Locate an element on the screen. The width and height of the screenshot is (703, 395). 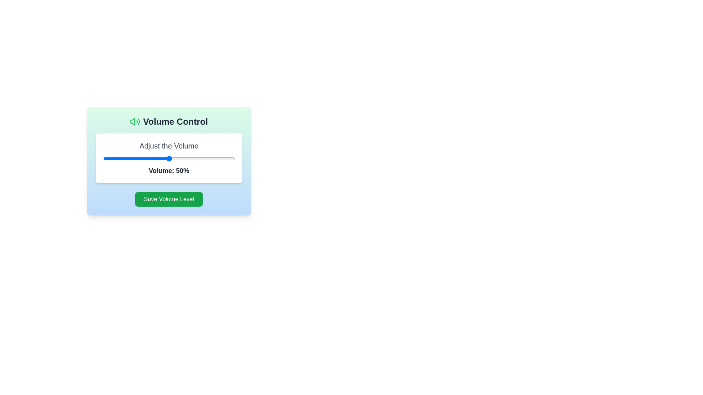
the volume slider to set the volume to 81% is located at coordinates (209, 158).